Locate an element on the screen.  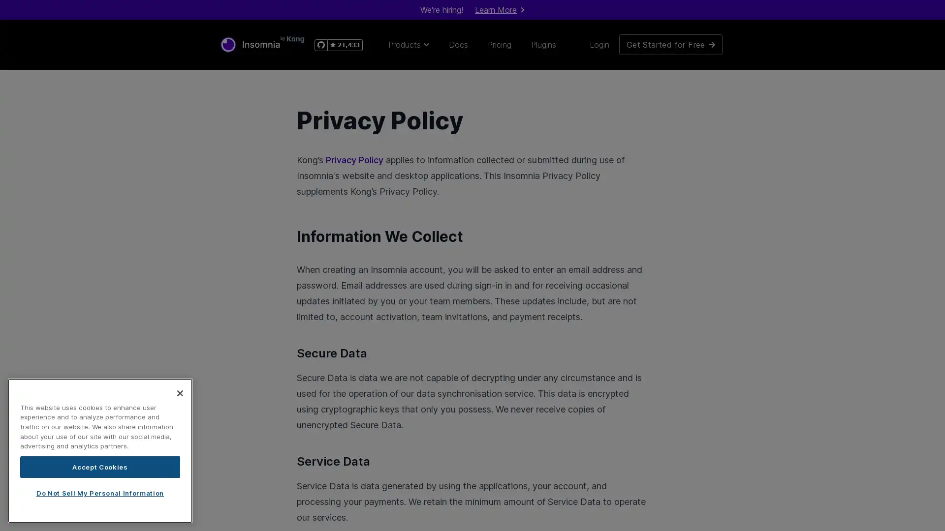
Do Not Sell My Personal Information is located at coordinates (100, 493).